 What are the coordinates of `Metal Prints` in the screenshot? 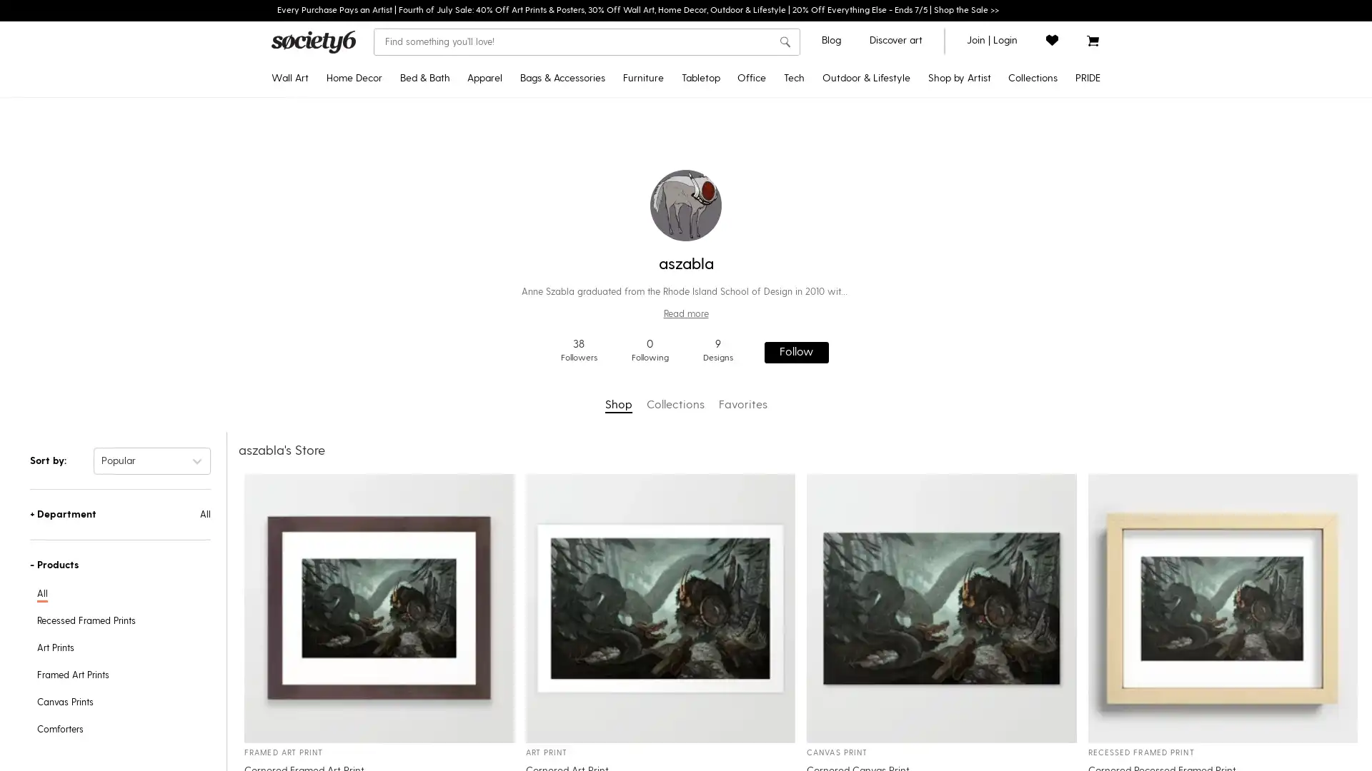 It's located at (336, 297).